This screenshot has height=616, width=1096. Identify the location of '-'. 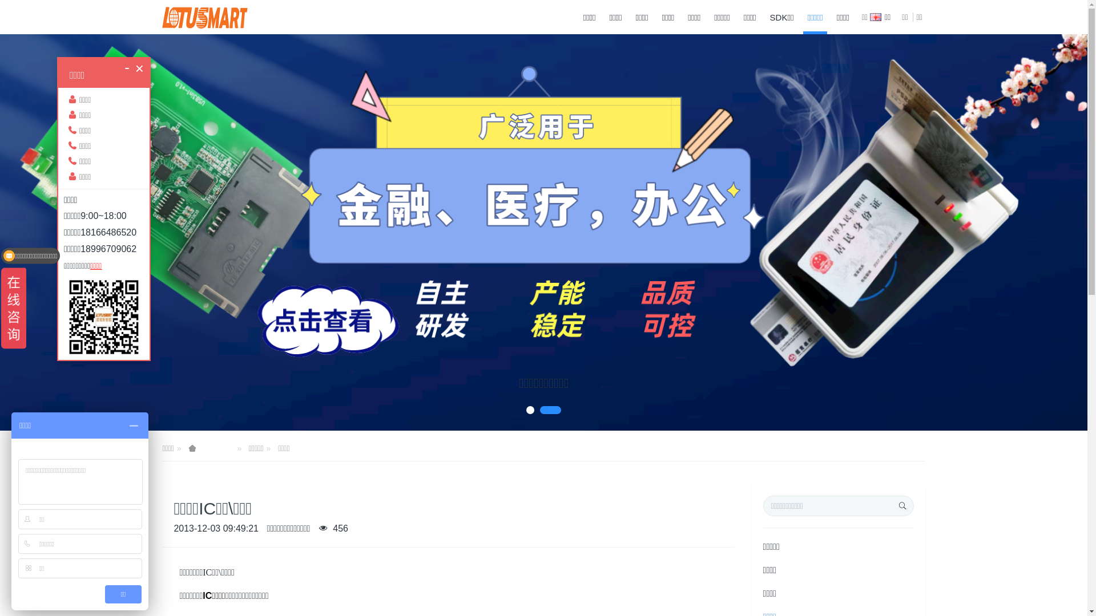
(124, 67).